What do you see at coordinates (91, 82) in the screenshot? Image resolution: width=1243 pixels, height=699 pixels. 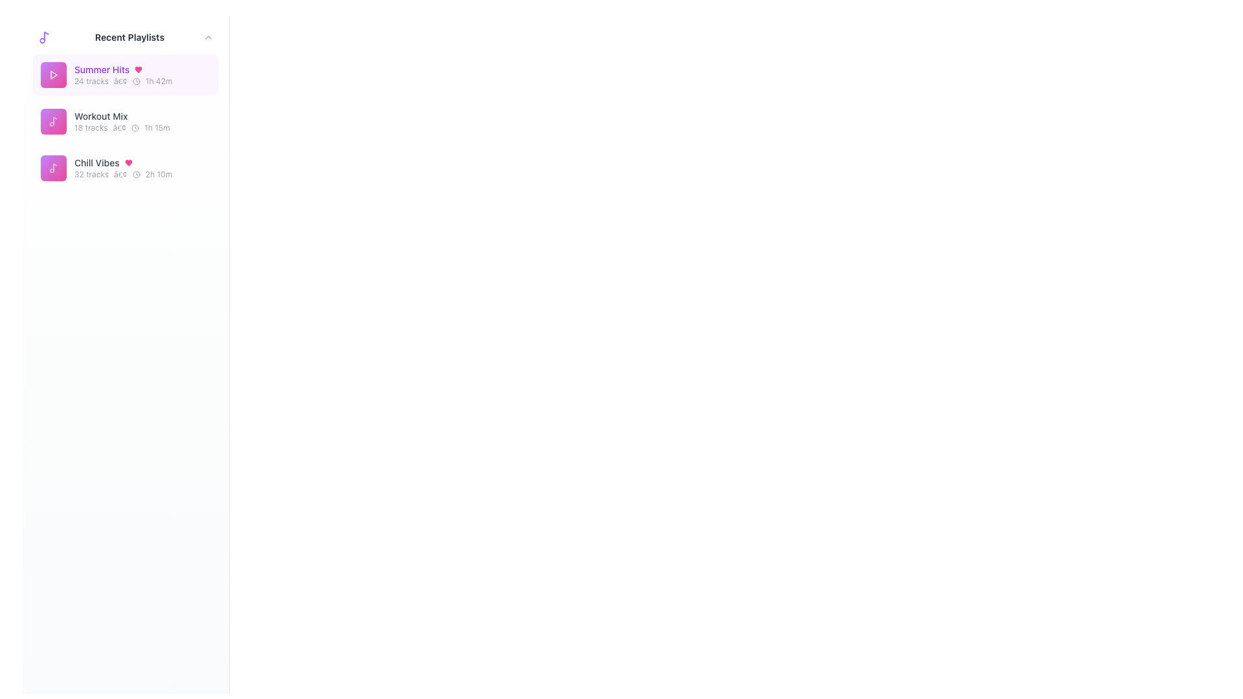 I see `the static text '24 tracks', which is displayed in light gray font, located at the top of the 'Recent Playlists' section, specifically in the first row of the playlist list` at bounding box center [91, 82].